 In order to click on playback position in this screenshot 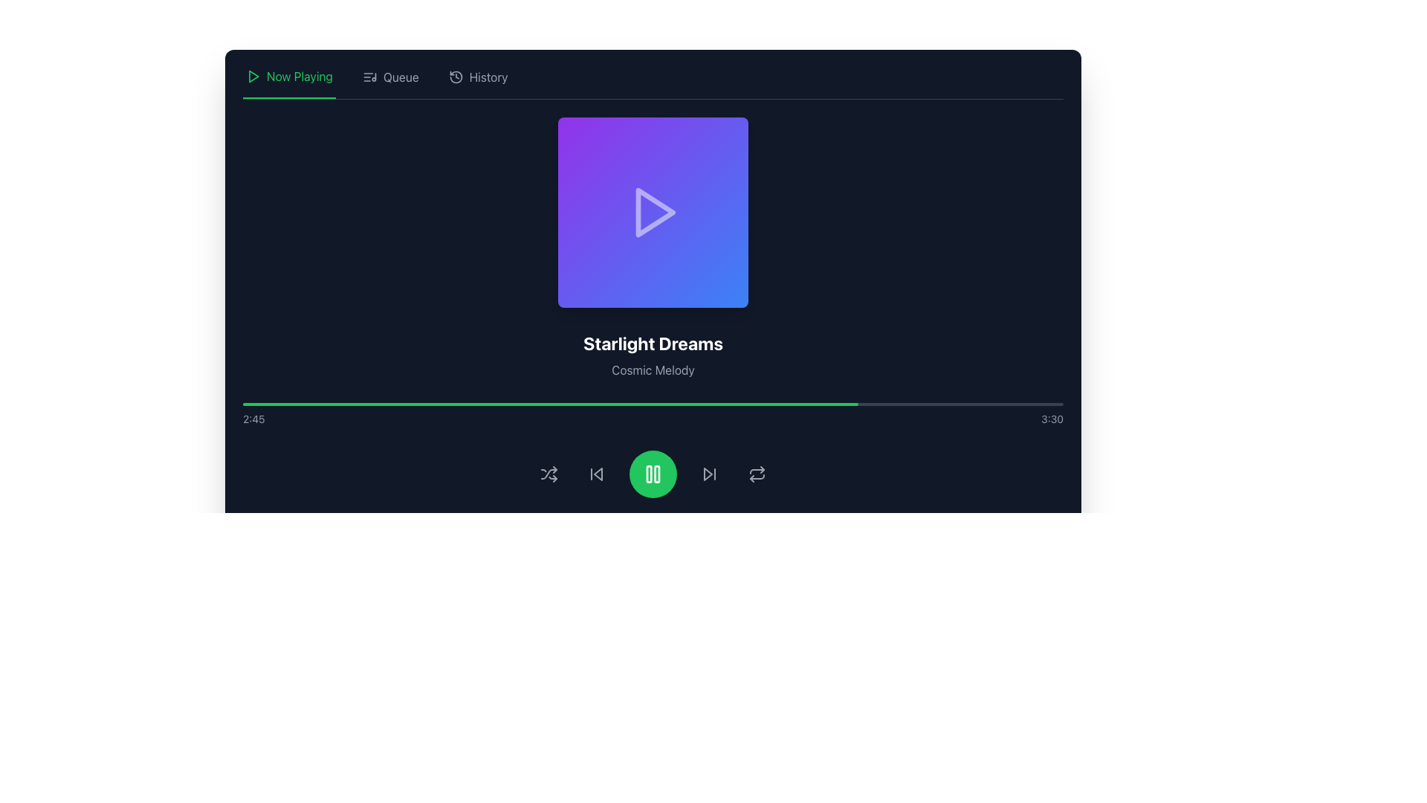, I will do `click(389, 404)`.